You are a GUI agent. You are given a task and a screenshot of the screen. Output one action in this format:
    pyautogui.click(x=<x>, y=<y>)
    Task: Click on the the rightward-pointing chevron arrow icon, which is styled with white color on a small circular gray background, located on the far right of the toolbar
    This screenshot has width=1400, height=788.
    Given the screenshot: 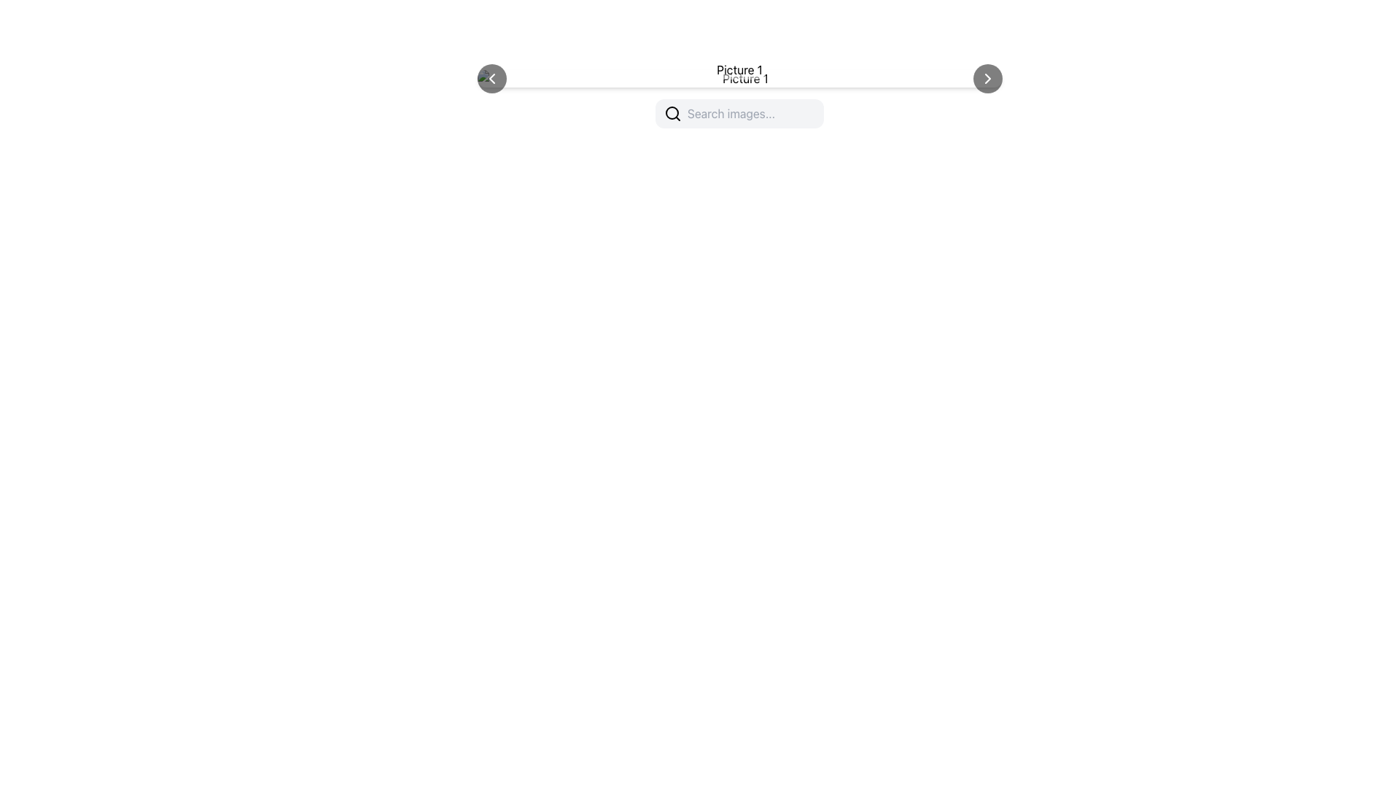 What is the action you would take?
    pyautogui.click(x=987, y=79)
    